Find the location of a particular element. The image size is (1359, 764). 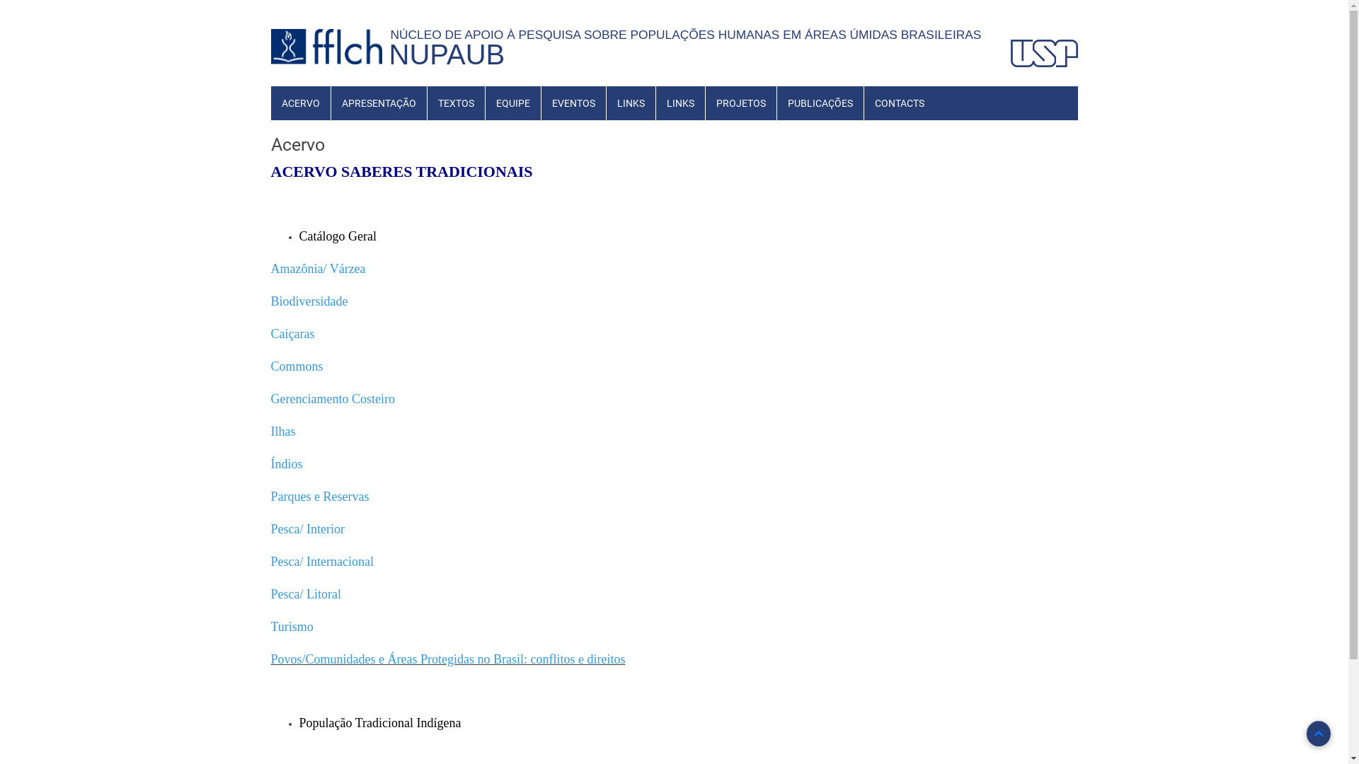

'PROJETOS' is located at coordinates (740, 103).